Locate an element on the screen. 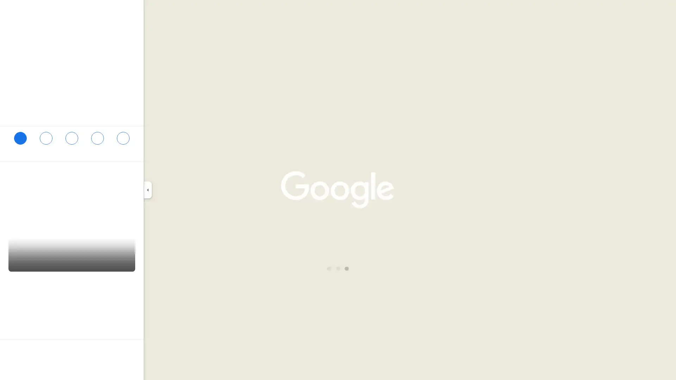 The image size is (676, 380). Street View is located at coordinates (72, 250).